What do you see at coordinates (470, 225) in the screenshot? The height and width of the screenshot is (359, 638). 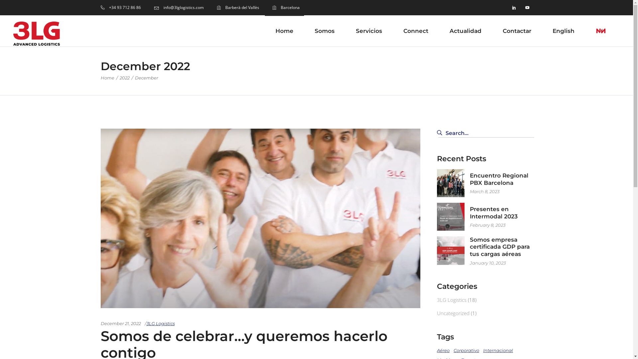 I see `'February 8, 2023'` at bounding box center [470, 225].